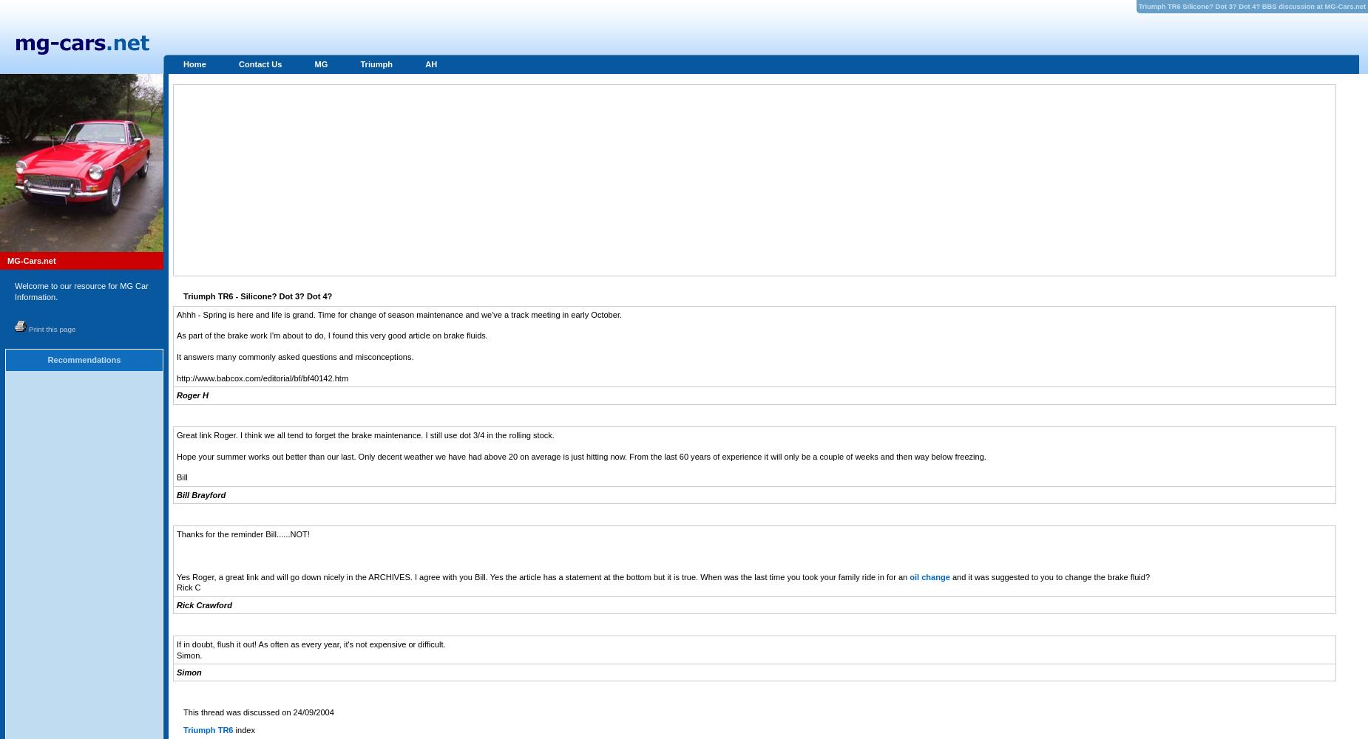 Image resolution: width=1368 pixels, height=739 pixels. Describe the element at coordinates (430, 63) in the screenshot. I see `'AH'` at that location.